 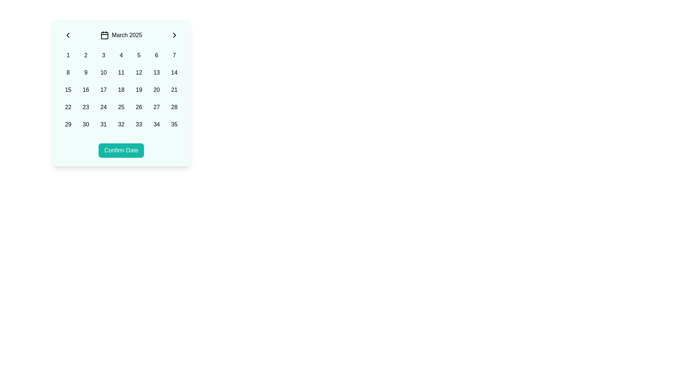 I want to click on the Button displaying the number '5' on a light green background, so click(x=139, y=55).